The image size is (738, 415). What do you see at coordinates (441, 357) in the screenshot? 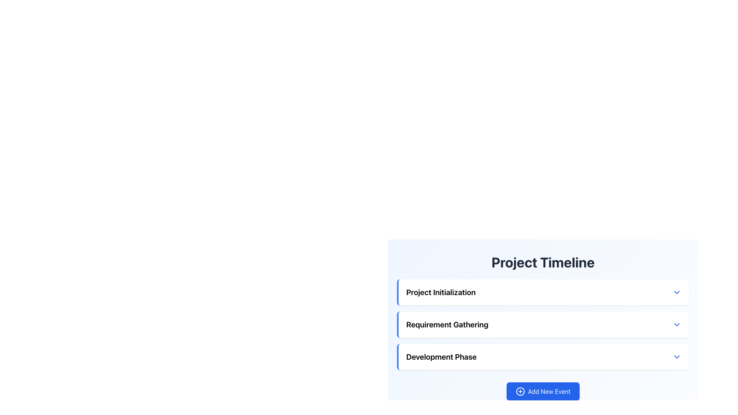
I see `the text label 'Development Phase', which is the third item in the 'Project Timeline' list, styled in a large, bold font with a blue border` at bounding box center [441, 357].